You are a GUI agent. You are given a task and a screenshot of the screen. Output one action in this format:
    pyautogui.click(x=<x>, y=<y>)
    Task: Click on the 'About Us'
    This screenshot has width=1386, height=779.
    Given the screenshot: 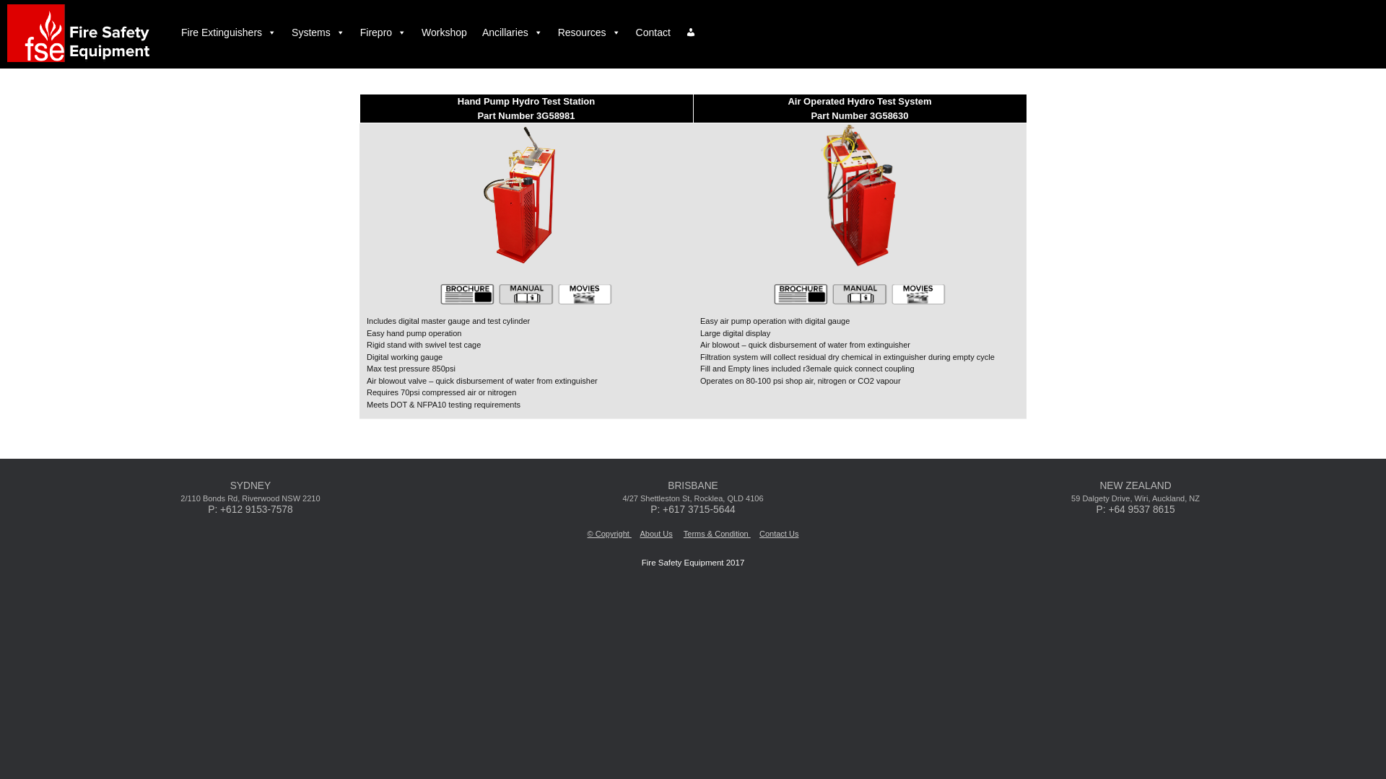 What is the action you would take?
    pyautogui.click(x=655, y=534)
    